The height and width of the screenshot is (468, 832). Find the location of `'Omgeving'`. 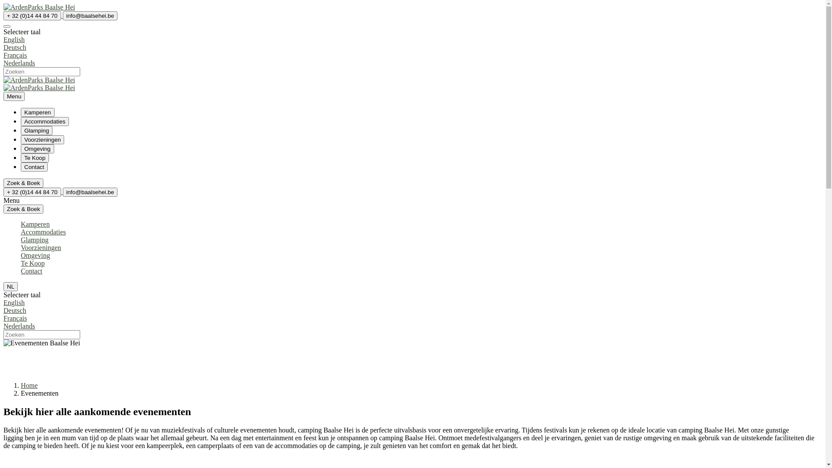

'Omgeving' is located at coordinates (37, 148).